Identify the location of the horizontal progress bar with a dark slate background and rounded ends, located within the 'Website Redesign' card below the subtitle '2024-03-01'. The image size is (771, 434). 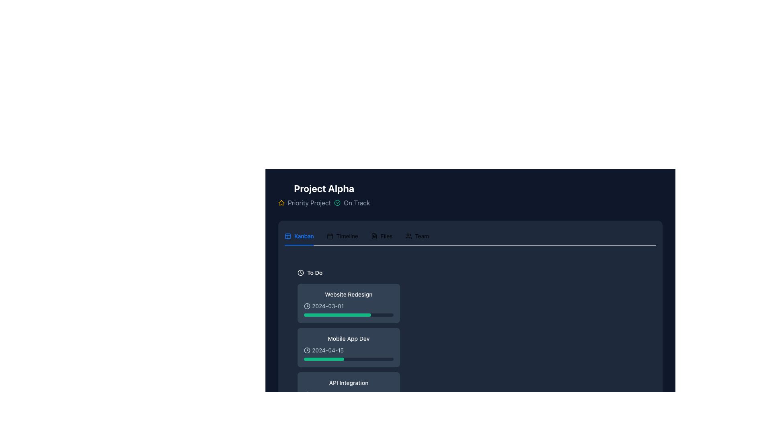
(349, 314).